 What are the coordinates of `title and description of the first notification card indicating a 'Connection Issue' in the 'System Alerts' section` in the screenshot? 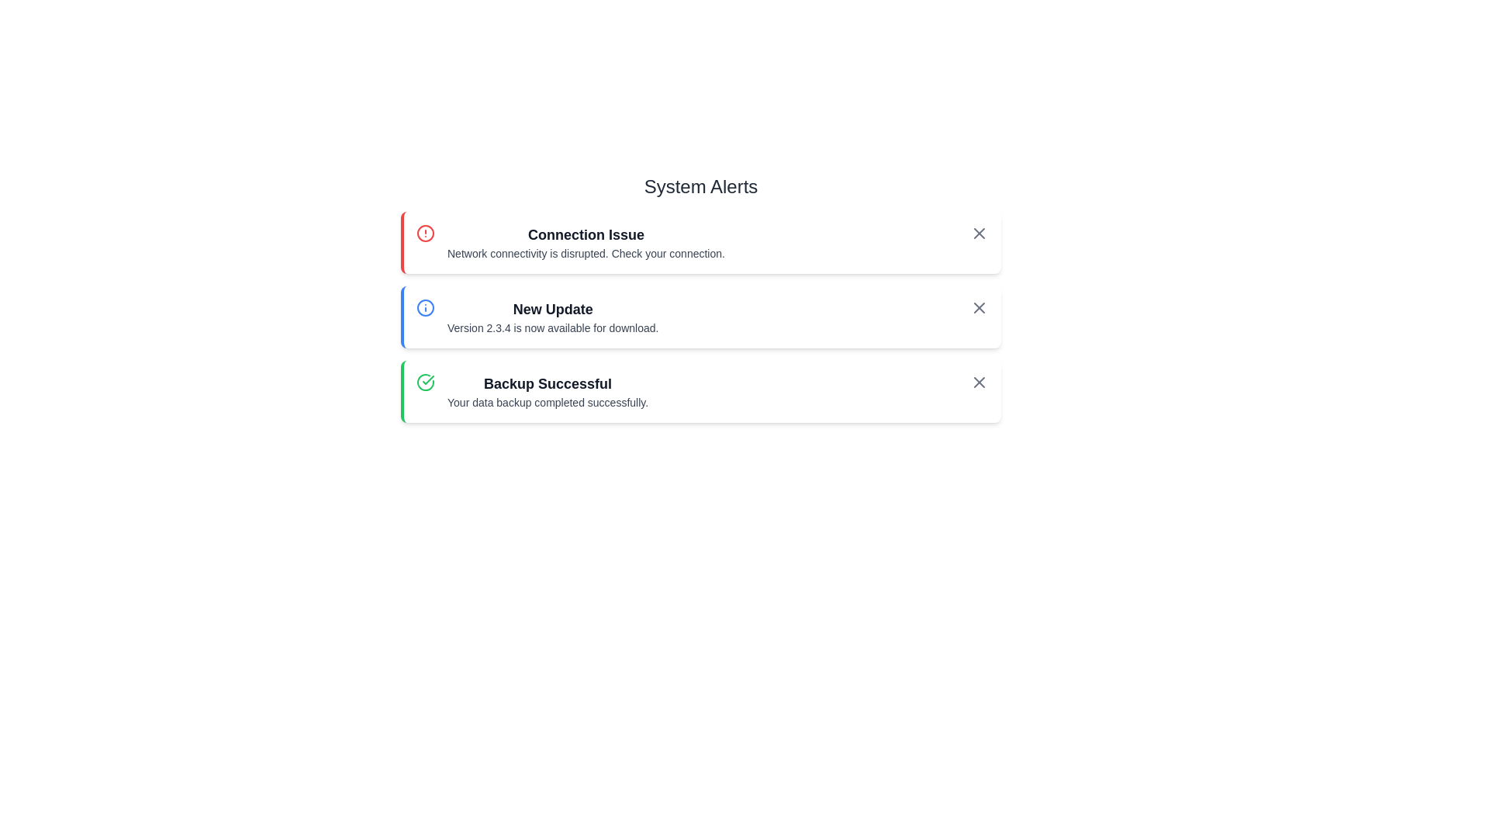 It's located at (700, 242).